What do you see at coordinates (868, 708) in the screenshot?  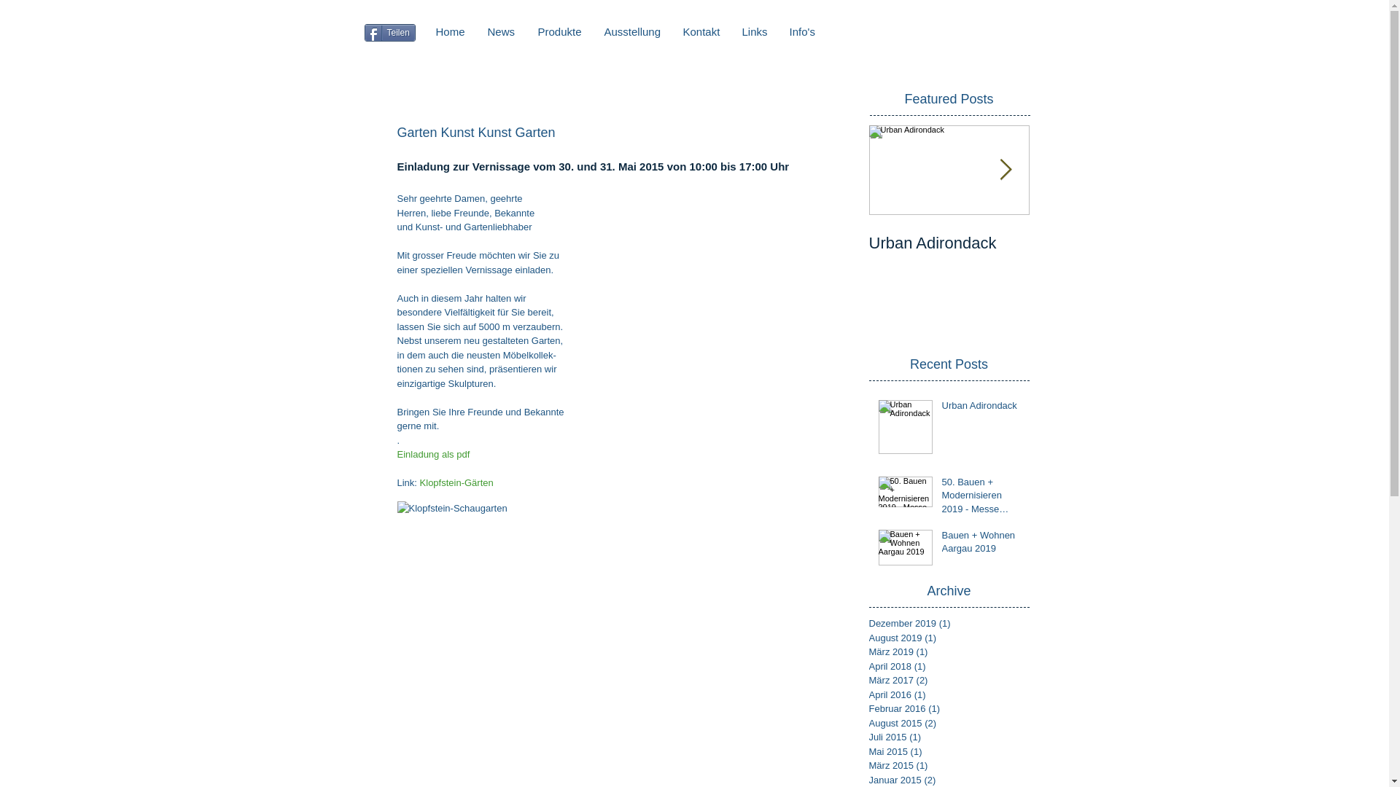 I see `'Februar 2016 (1)'` at bounding box center [868, 708].